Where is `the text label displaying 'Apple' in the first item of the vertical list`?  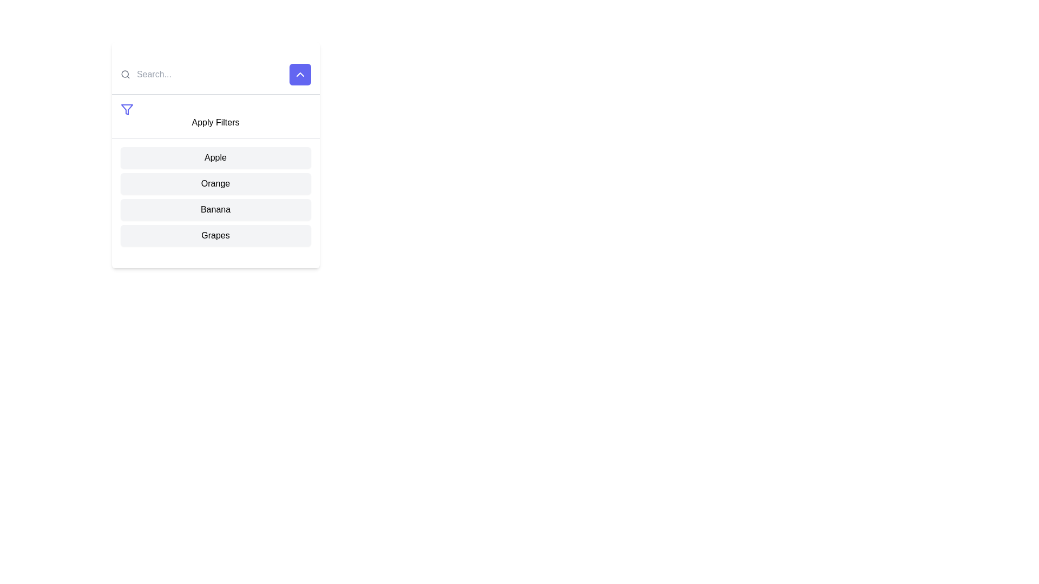 the text label displaying 'Apple' in the first item of the vertical list is located at coordinates (215, 158).